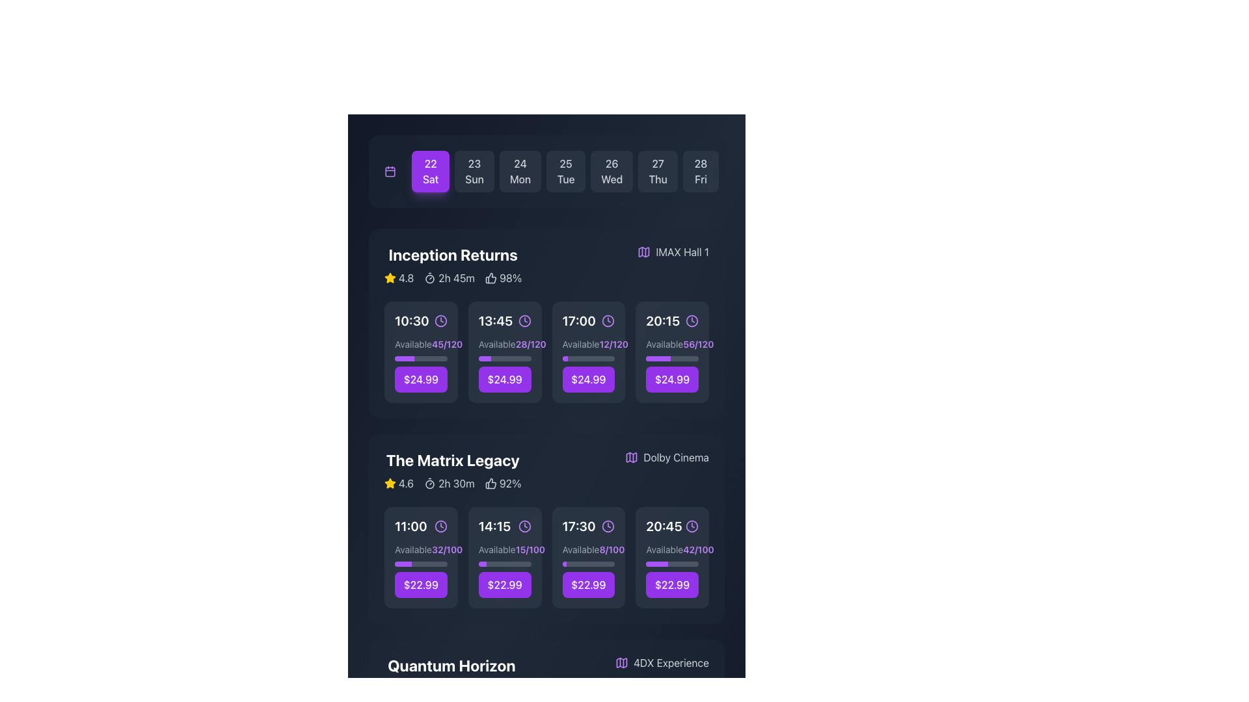  Describe the element at coordinates (504, 526) in the screenshot. I see `the icon representing the second time slot for booking tickets for the movie 'The Matrix Legacy' to check for additional information` at that location.